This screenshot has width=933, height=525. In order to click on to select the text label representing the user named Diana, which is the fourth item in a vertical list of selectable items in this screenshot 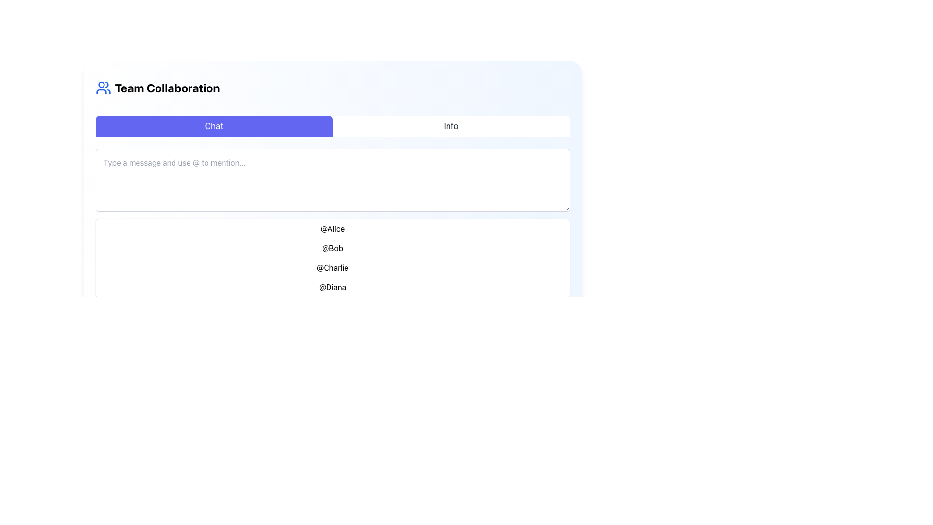, I will do `click(332, 286)`.